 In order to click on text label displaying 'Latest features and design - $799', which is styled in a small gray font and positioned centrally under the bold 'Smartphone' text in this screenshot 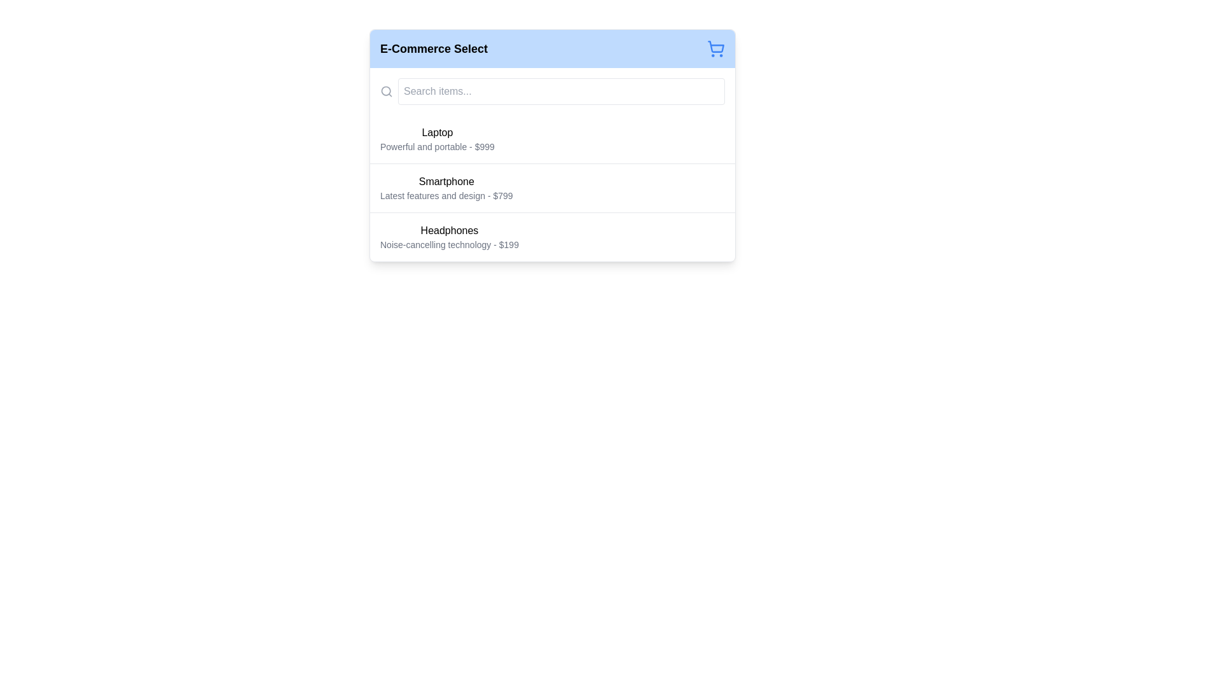, I will do `click(446, 196)`.